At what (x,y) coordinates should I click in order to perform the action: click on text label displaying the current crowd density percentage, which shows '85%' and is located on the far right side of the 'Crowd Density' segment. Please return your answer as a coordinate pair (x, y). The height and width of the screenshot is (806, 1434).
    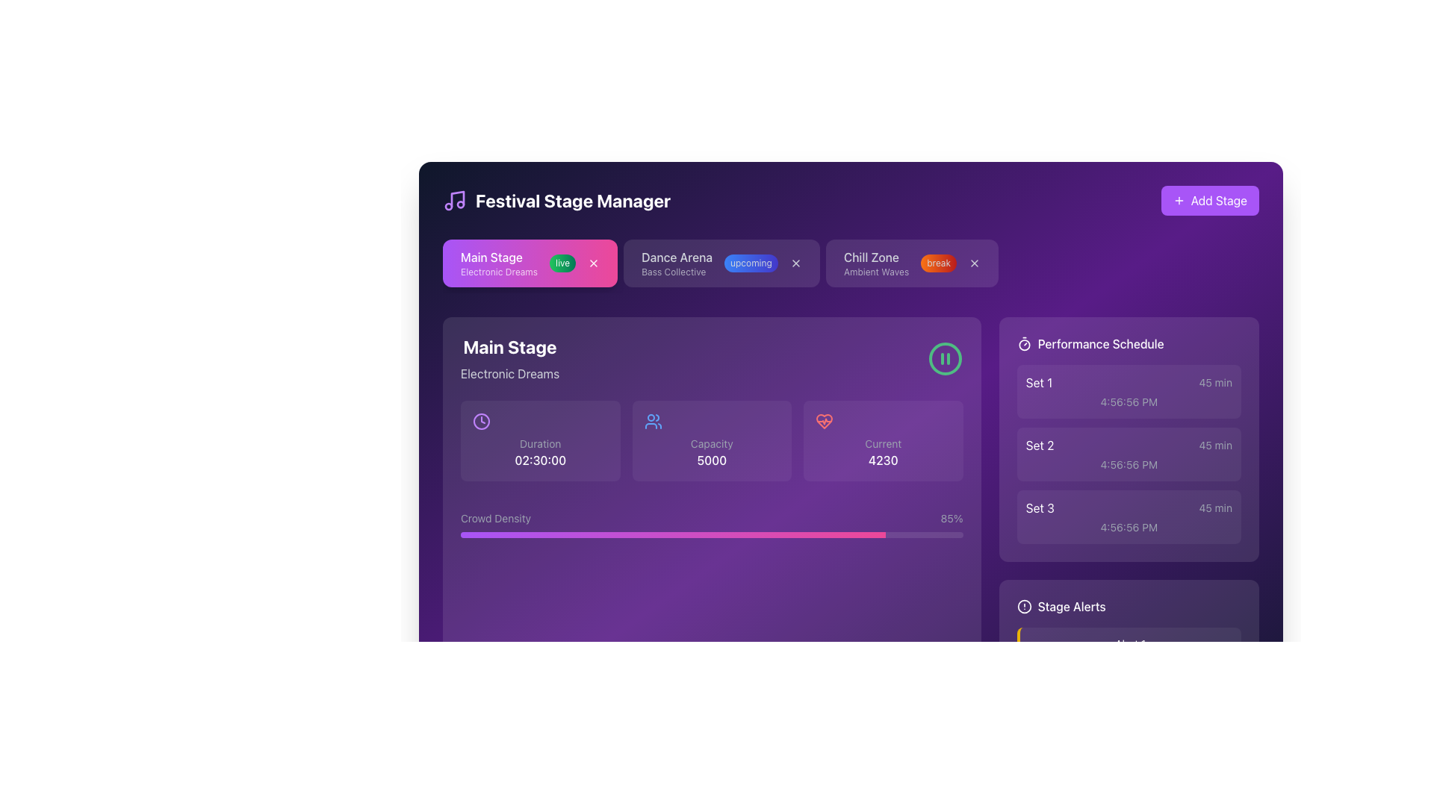
    Looking at the image, I should click on (951, 517).